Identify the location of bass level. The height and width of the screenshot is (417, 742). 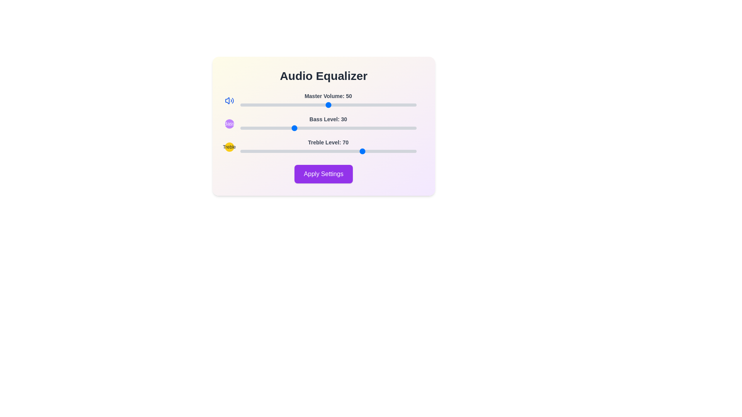
(316, 127).